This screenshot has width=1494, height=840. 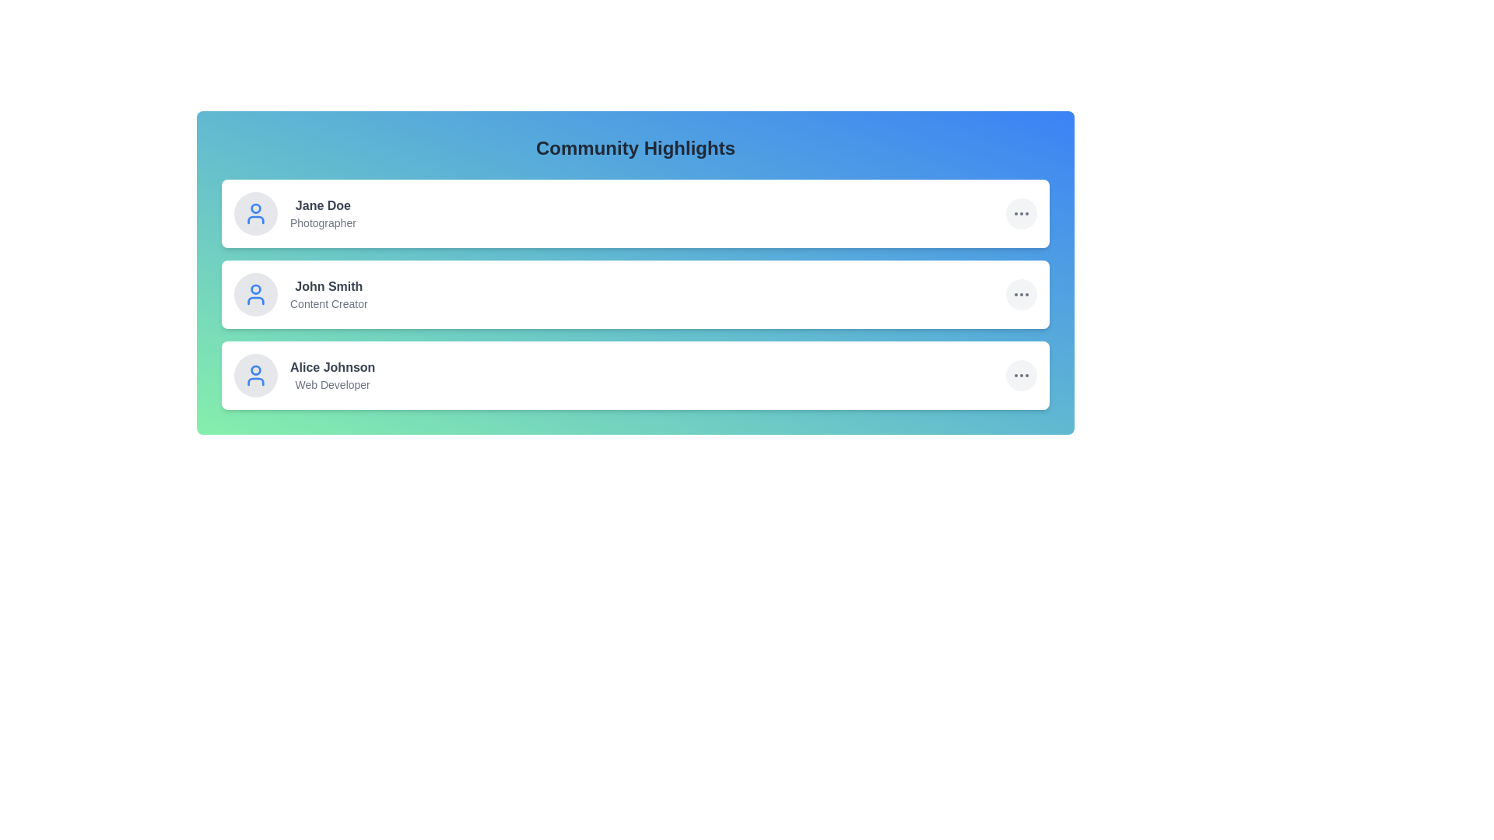 I want to click on the user icon representing 'John Smith', so click(x=256, y=294).